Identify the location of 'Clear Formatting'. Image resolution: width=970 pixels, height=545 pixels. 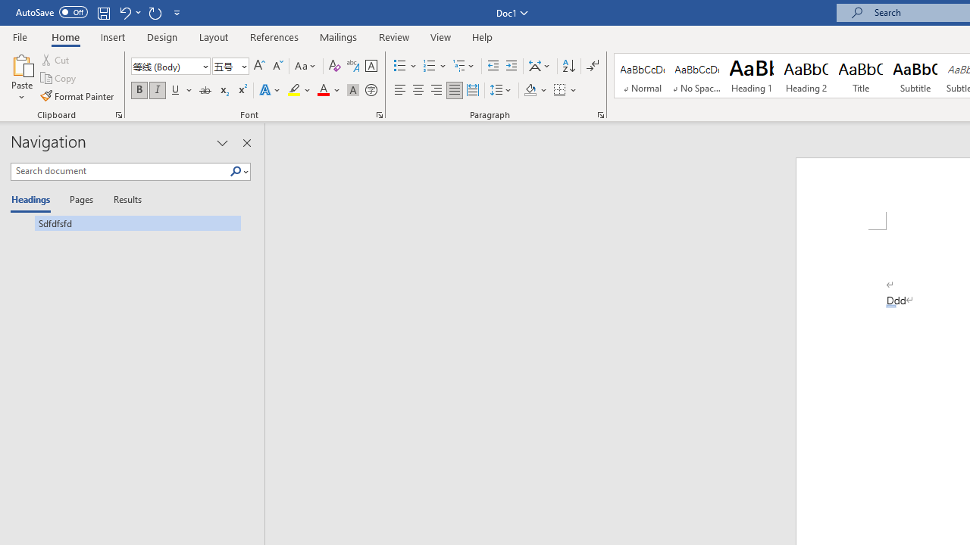
(334, 65).